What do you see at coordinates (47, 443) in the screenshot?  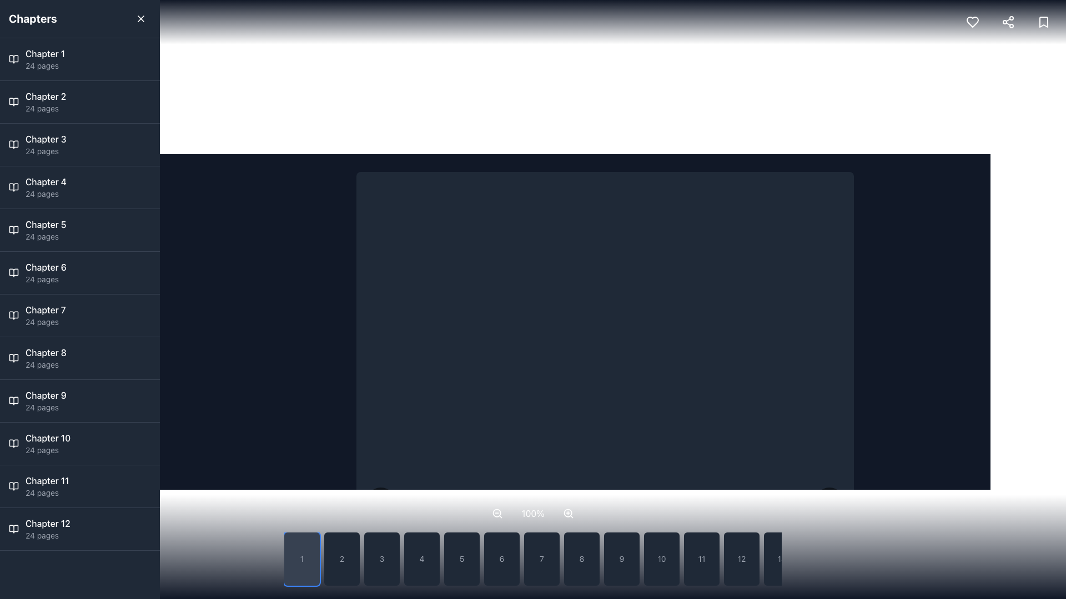 I see `the Chapter 10 list item element` at bounding box center [47, 443].